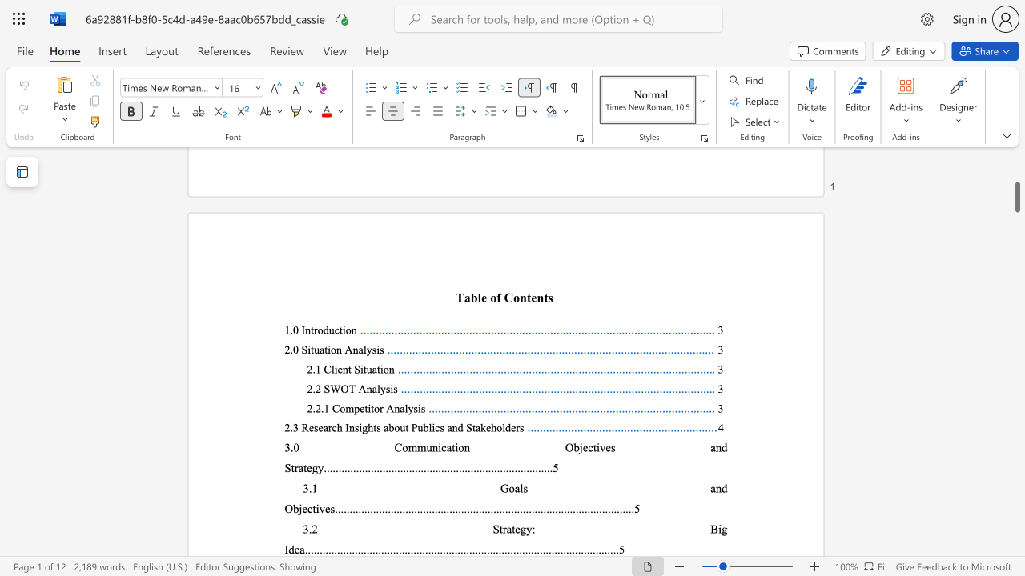 The image size is (1025, 576). I want to click on the subset text "..............................." within the text "......................................................................................................", so click(459, 549).